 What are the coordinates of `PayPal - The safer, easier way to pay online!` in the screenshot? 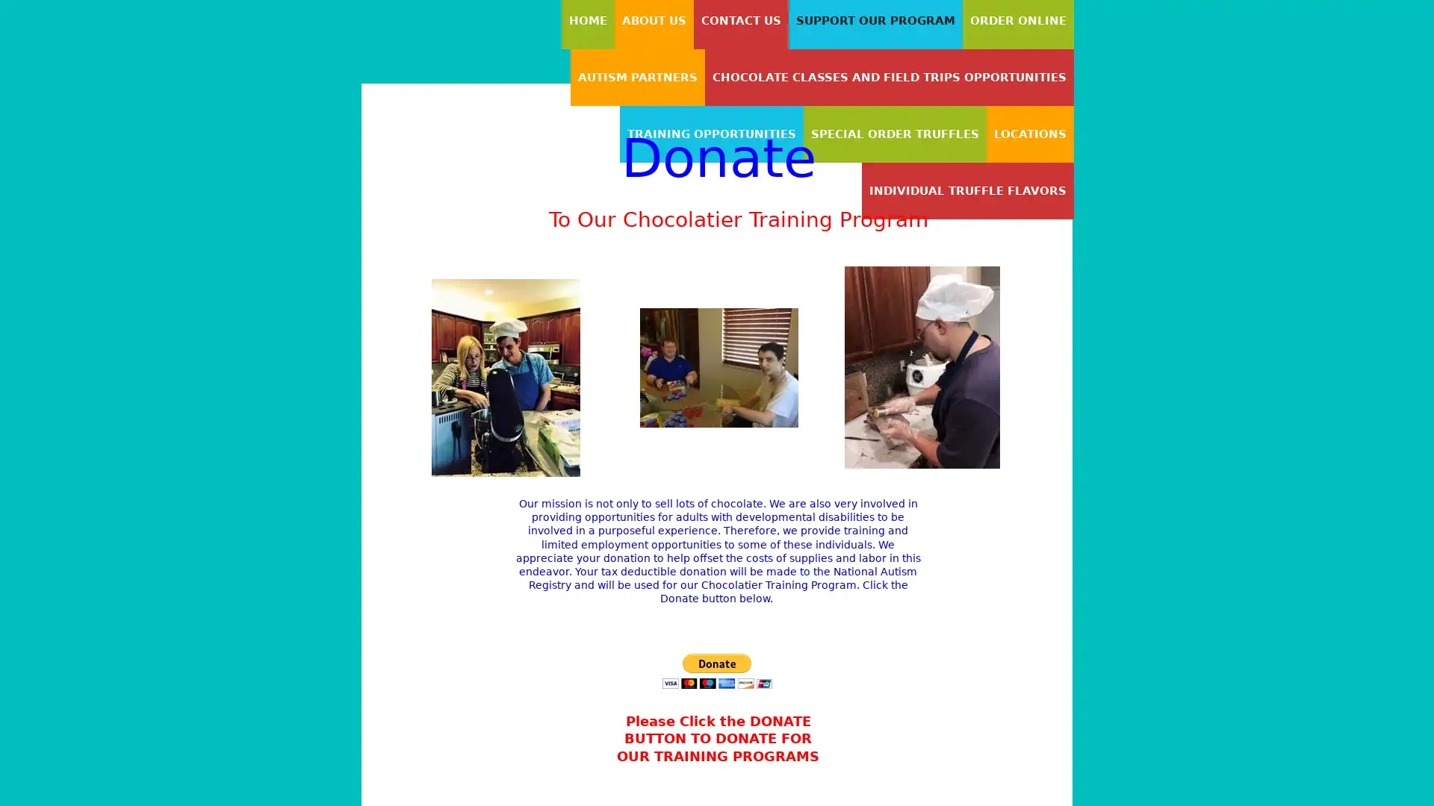 It's located at (717, 670).